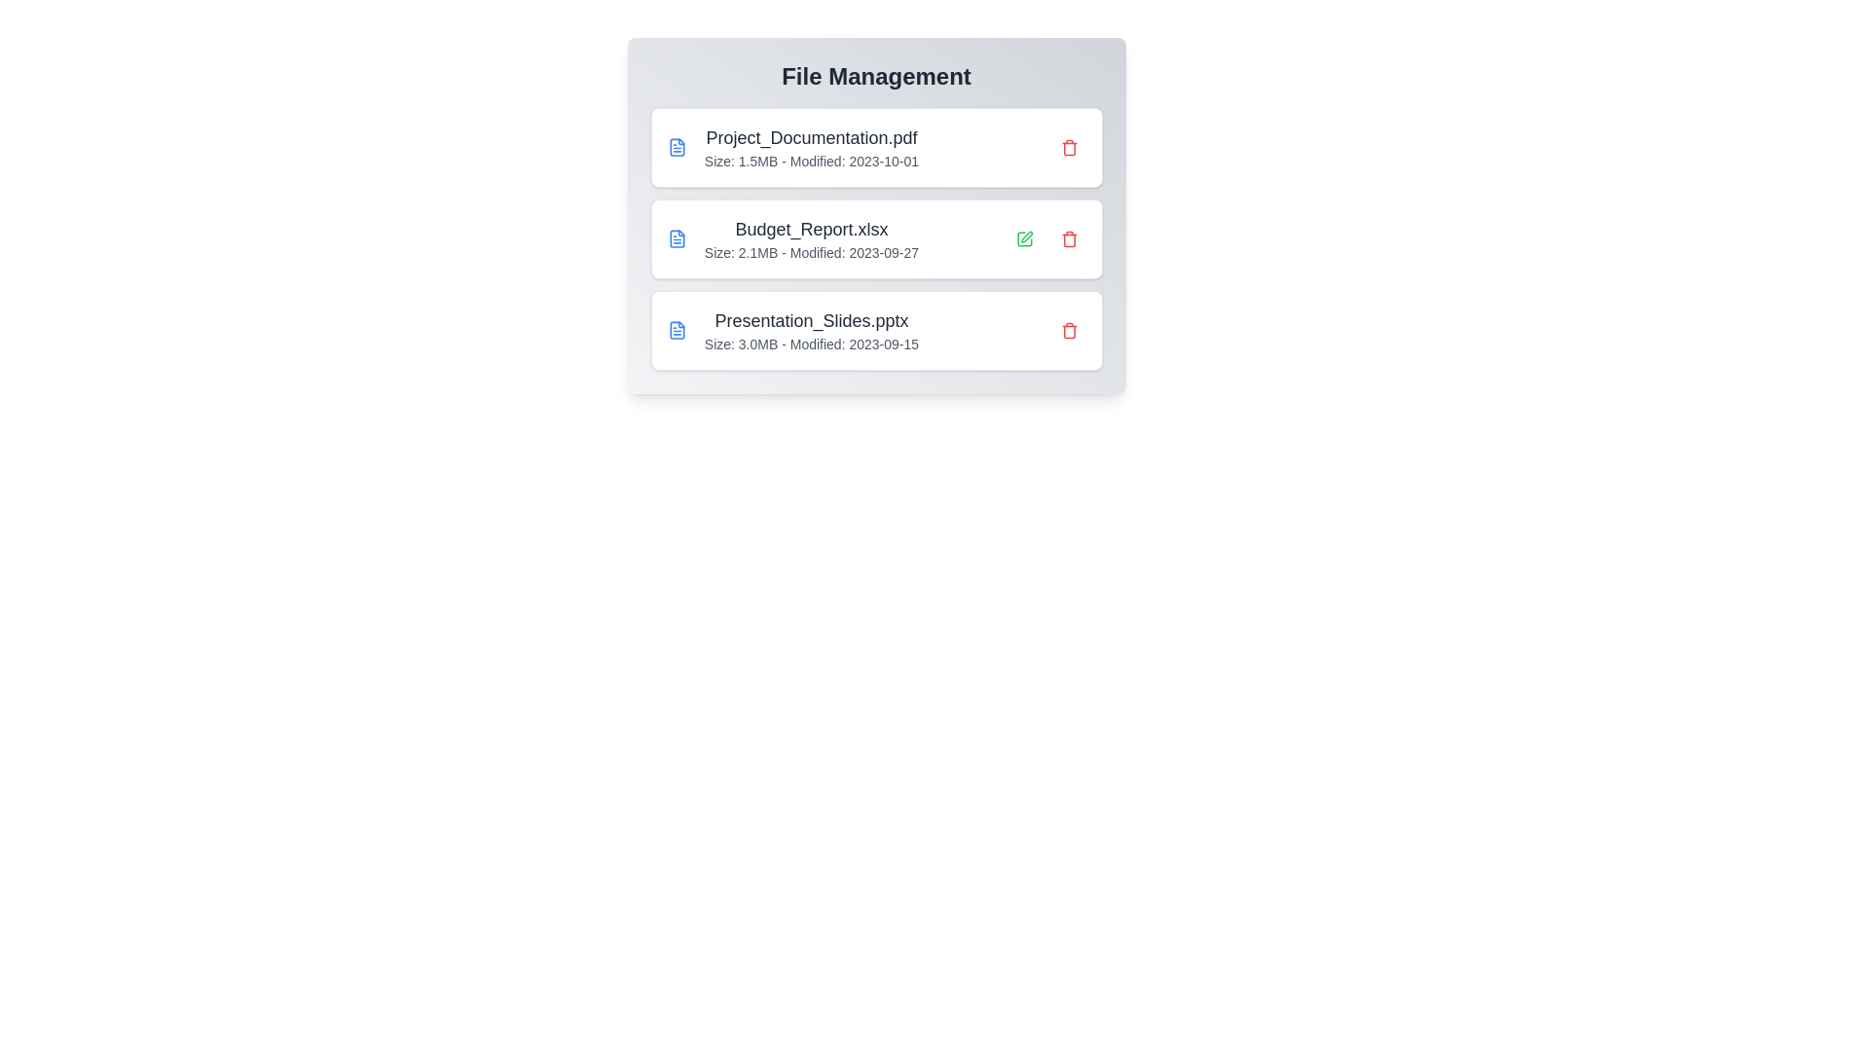 This screenshot has width=1869, height=1051. What do you see at coordinates (1023, 238) in the screenshot?
I see `the edit button for the 'Budget_Report.xlsx' file` at bounding box center [1023, 238].